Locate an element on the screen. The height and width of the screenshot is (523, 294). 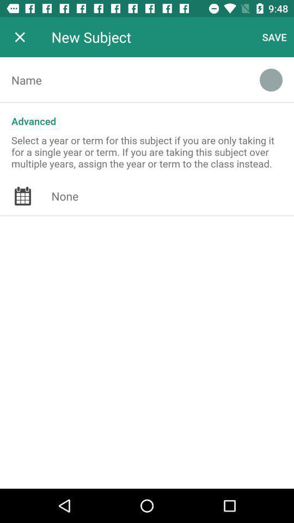
date from calendar is located at coordinates (173, 196).